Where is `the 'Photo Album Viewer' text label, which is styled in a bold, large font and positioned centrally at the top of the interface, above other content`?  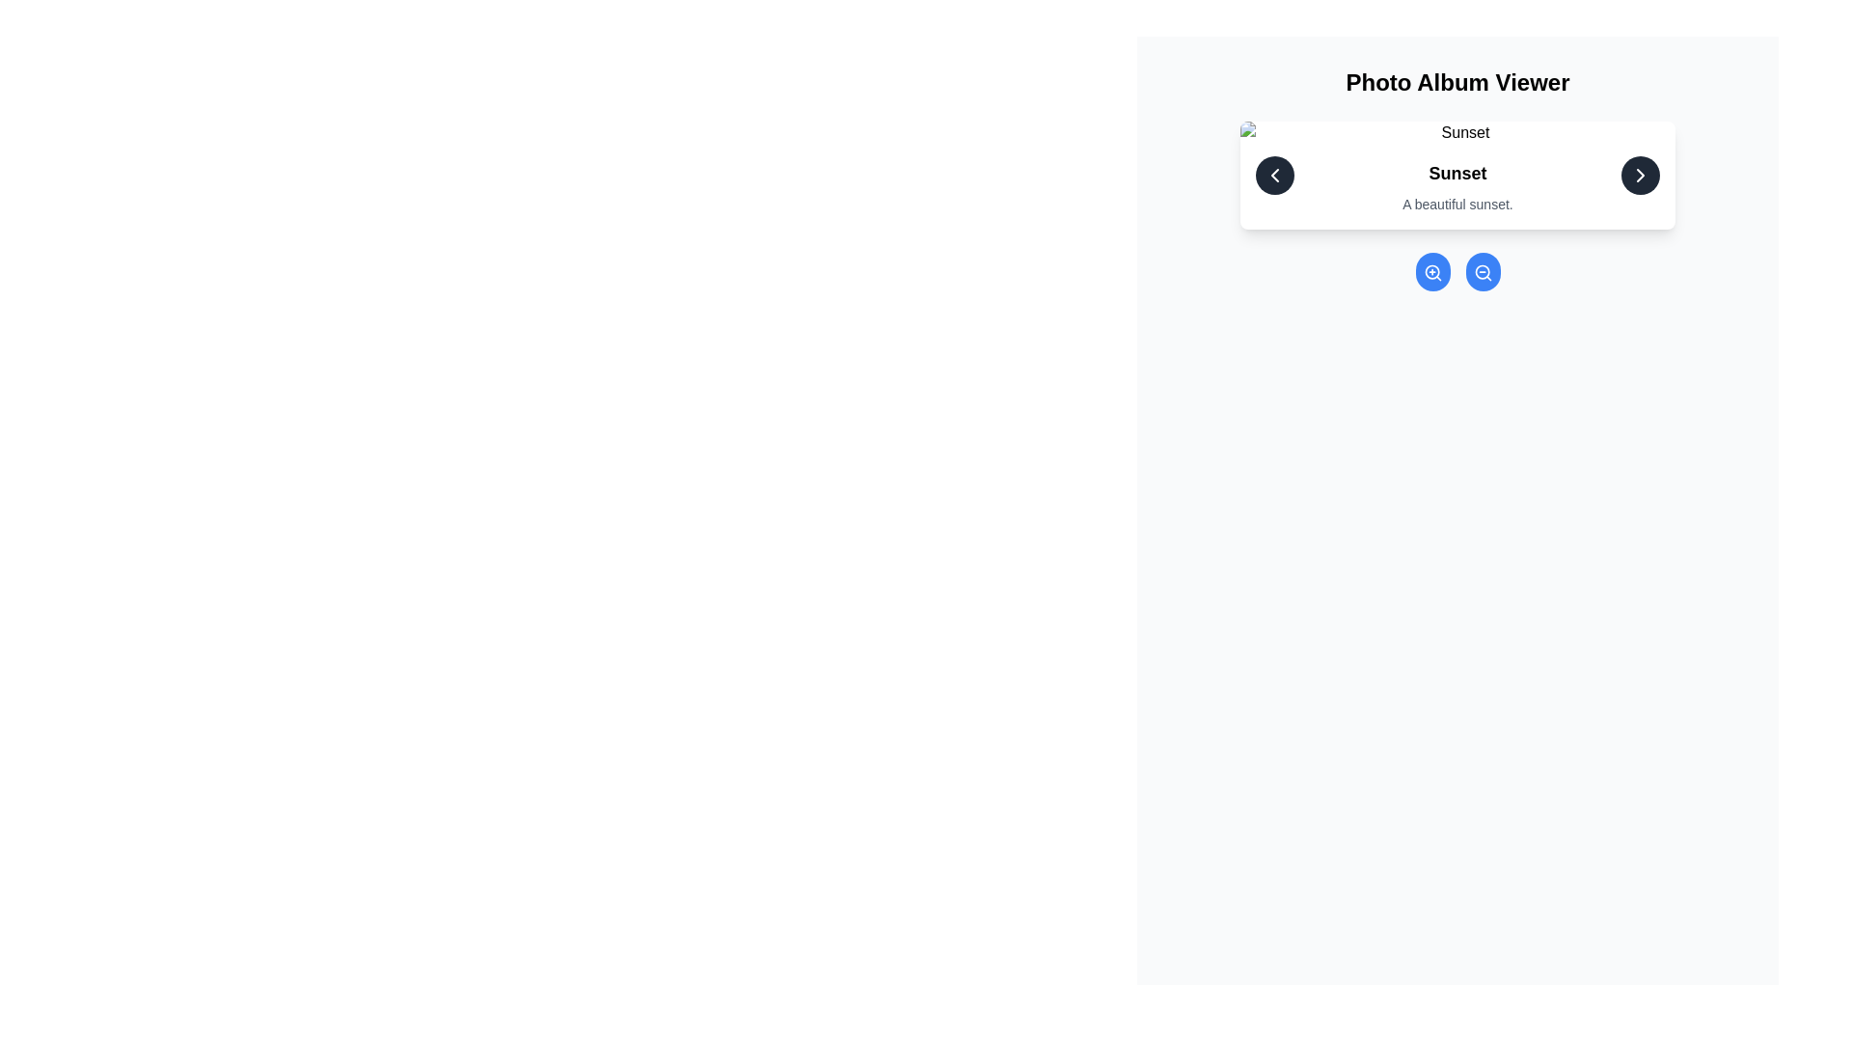
the 'Photo Album Viewer' text label, which is styled in a bold, large font and positioned centrally at the top of the interface, above other content is located at coordinates (1457, 81).